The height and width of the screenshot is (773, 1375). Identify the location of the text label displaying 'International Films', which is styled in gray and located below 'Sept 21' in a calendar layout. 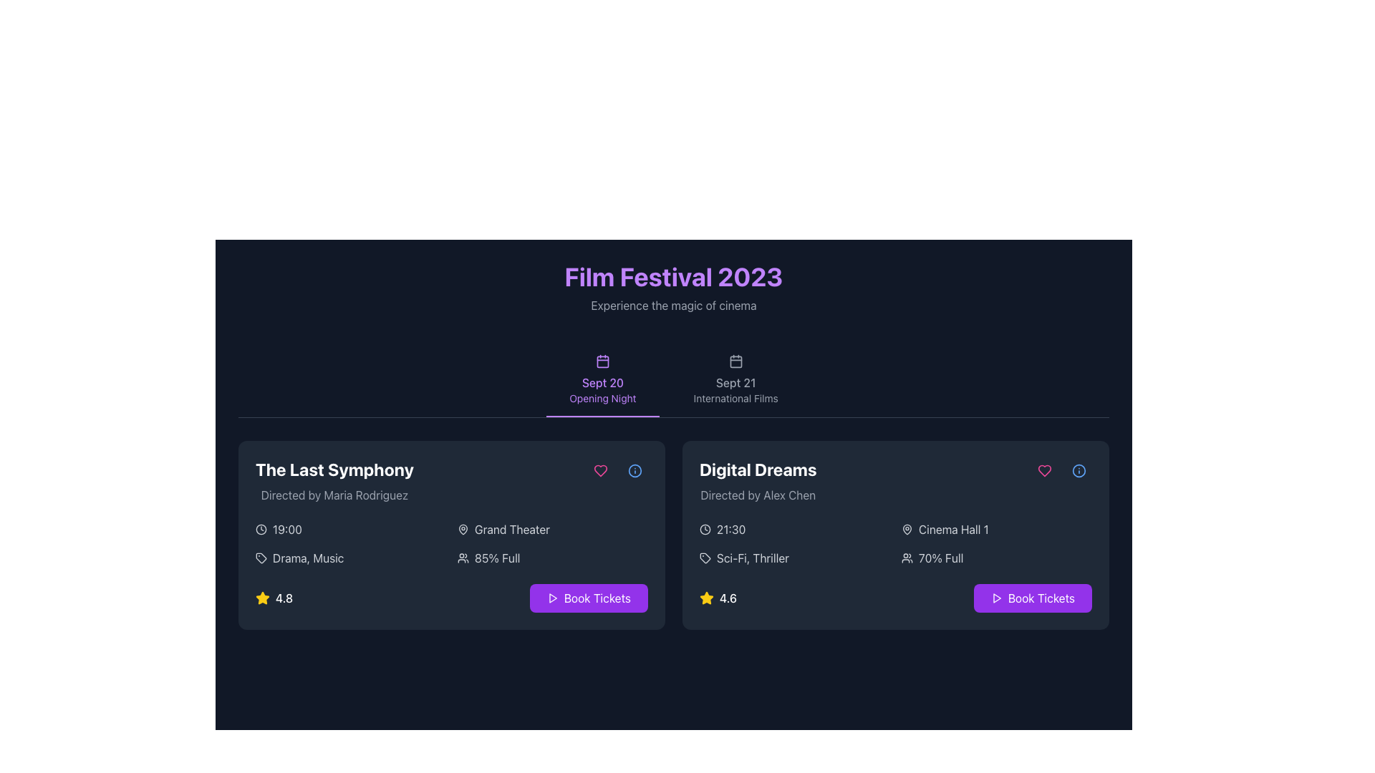
(735, 398).